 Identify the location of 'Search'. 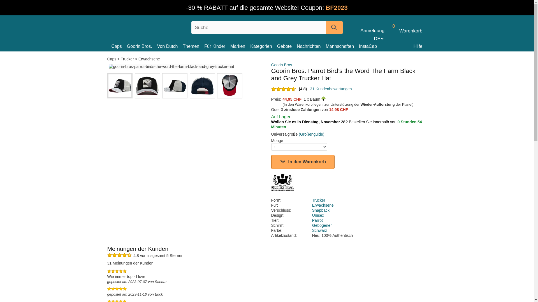
(334, 27).